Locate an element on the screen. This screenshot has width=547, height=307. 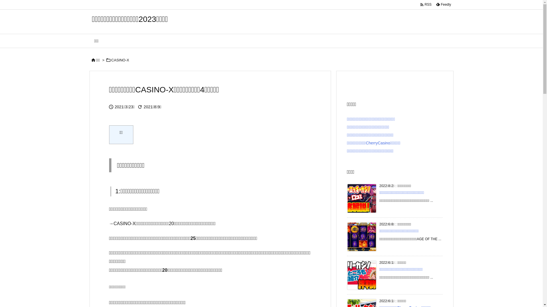
'CASINO-X' is located at coordinates (120, 60).